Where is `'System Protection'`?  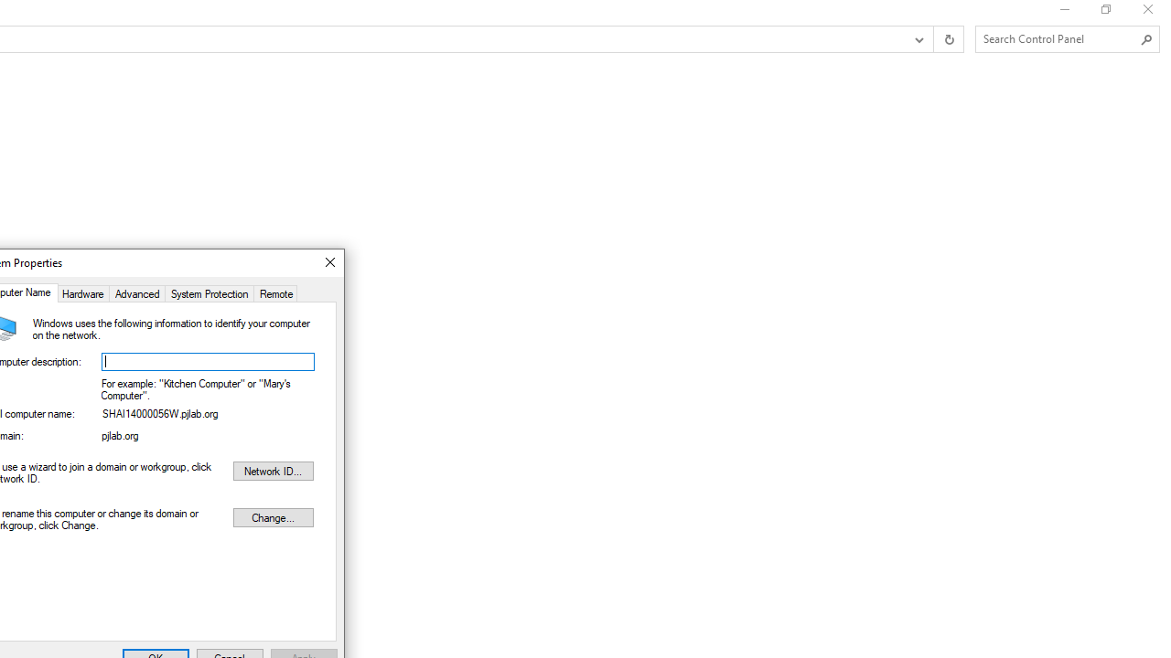
'System Protection' is located at coordinates (209, 292).